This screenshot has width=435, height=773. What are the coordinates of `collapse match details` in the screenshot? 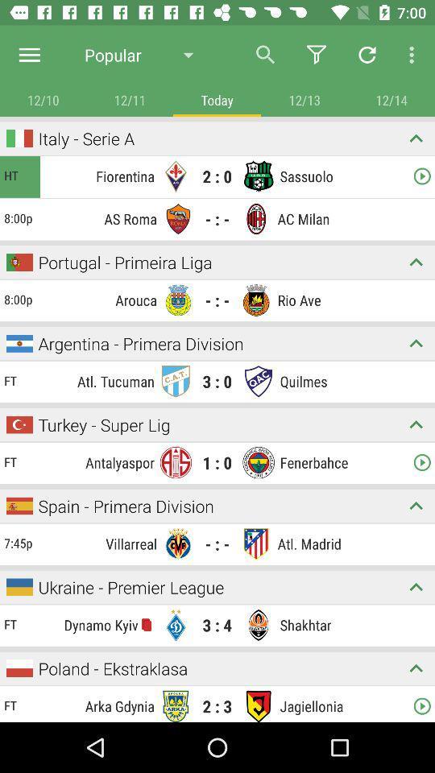 It's located at (416, 343).